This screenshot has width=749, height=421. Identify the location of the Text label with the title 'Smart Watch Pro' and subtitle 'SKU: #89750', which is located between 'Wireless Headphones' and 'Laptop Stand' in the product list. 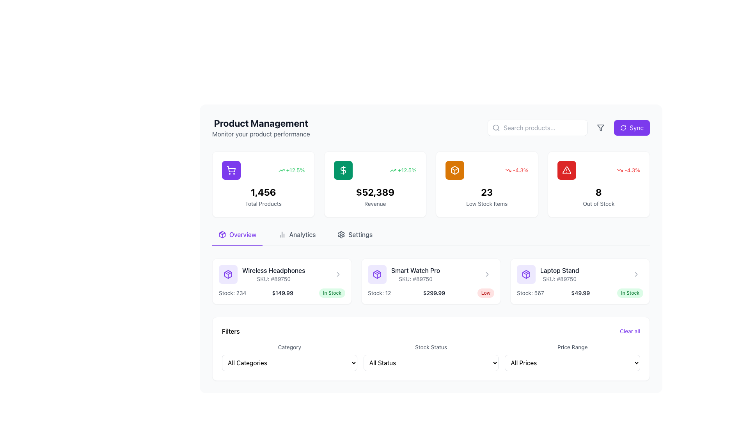
(430, 274).